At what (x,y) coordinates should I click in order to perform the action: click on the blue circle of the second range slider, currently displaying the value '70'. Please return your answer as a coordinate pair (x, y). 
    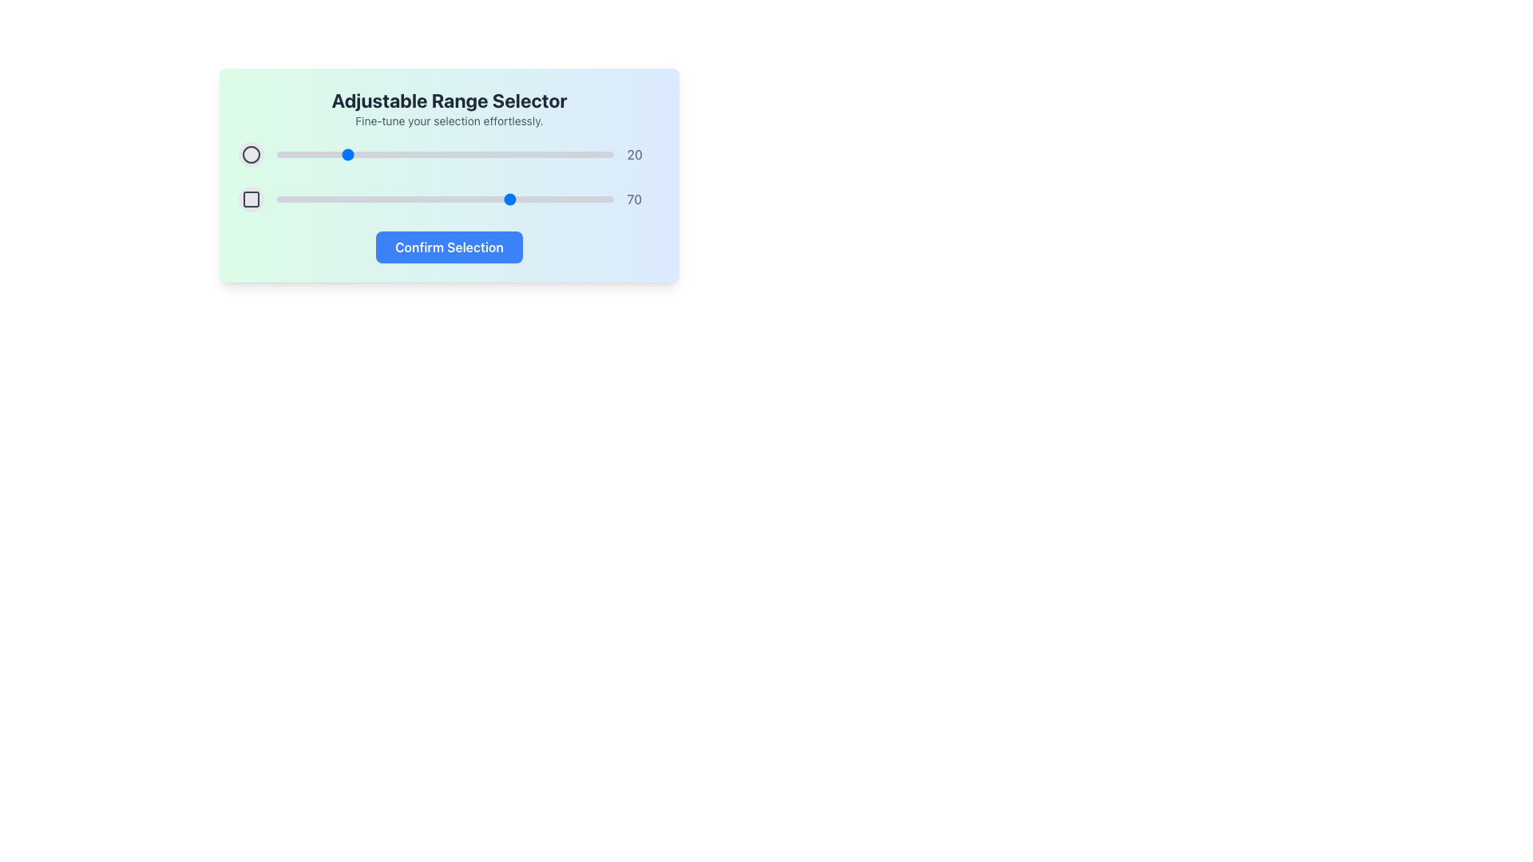
    Looking at the image, I should click on (448, 199).